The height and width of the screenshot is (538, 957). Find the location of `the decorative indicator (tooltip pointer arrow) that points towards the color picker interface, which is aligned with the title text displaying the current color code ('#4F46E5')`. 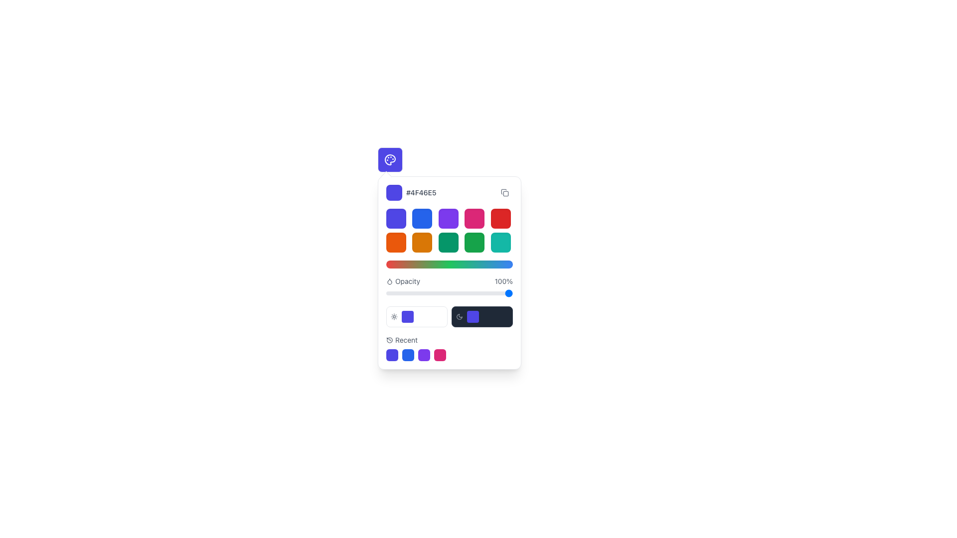

the decorative indicator (tooltip pointer arrow) that points towards the color picker interface, which is aligned with the title text displaying the current color code ('#4F46E5') is located at coordinates (385, 176).